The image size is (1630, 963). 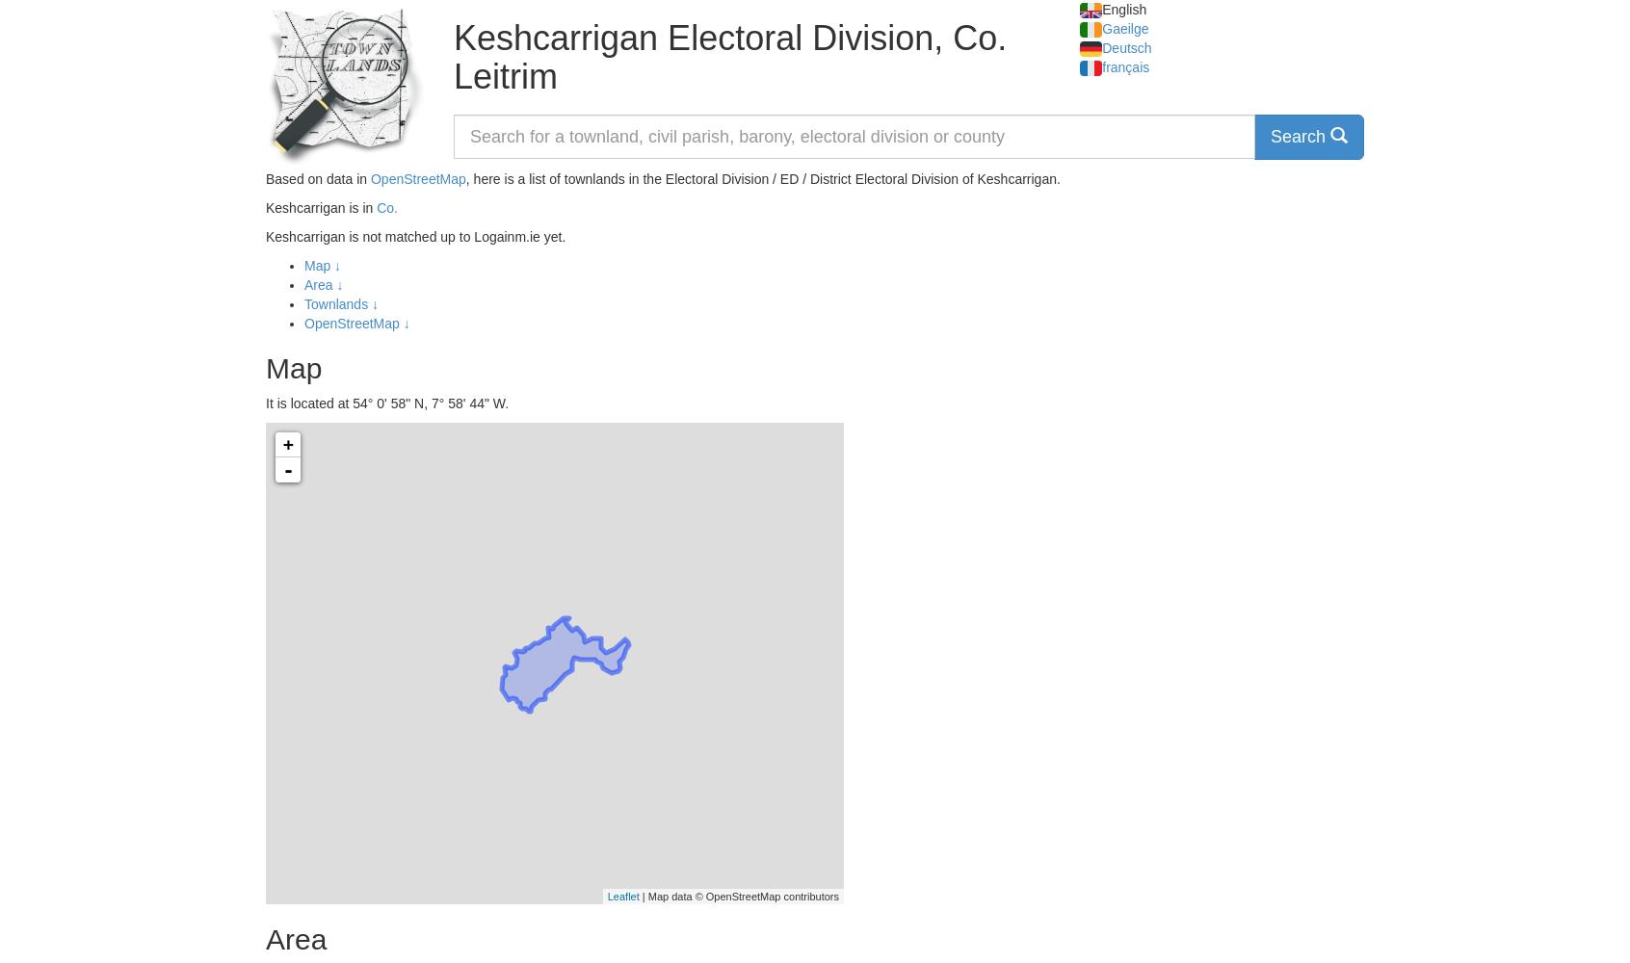 What do you see at coordinates (386, 207) in the screenshot?
I see `'Co.'` at bounding box center [386, 207].